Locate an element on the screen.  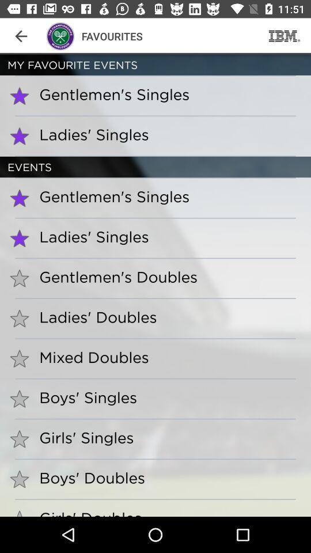
the item next to the favourites is located at coordinates (284, 36).